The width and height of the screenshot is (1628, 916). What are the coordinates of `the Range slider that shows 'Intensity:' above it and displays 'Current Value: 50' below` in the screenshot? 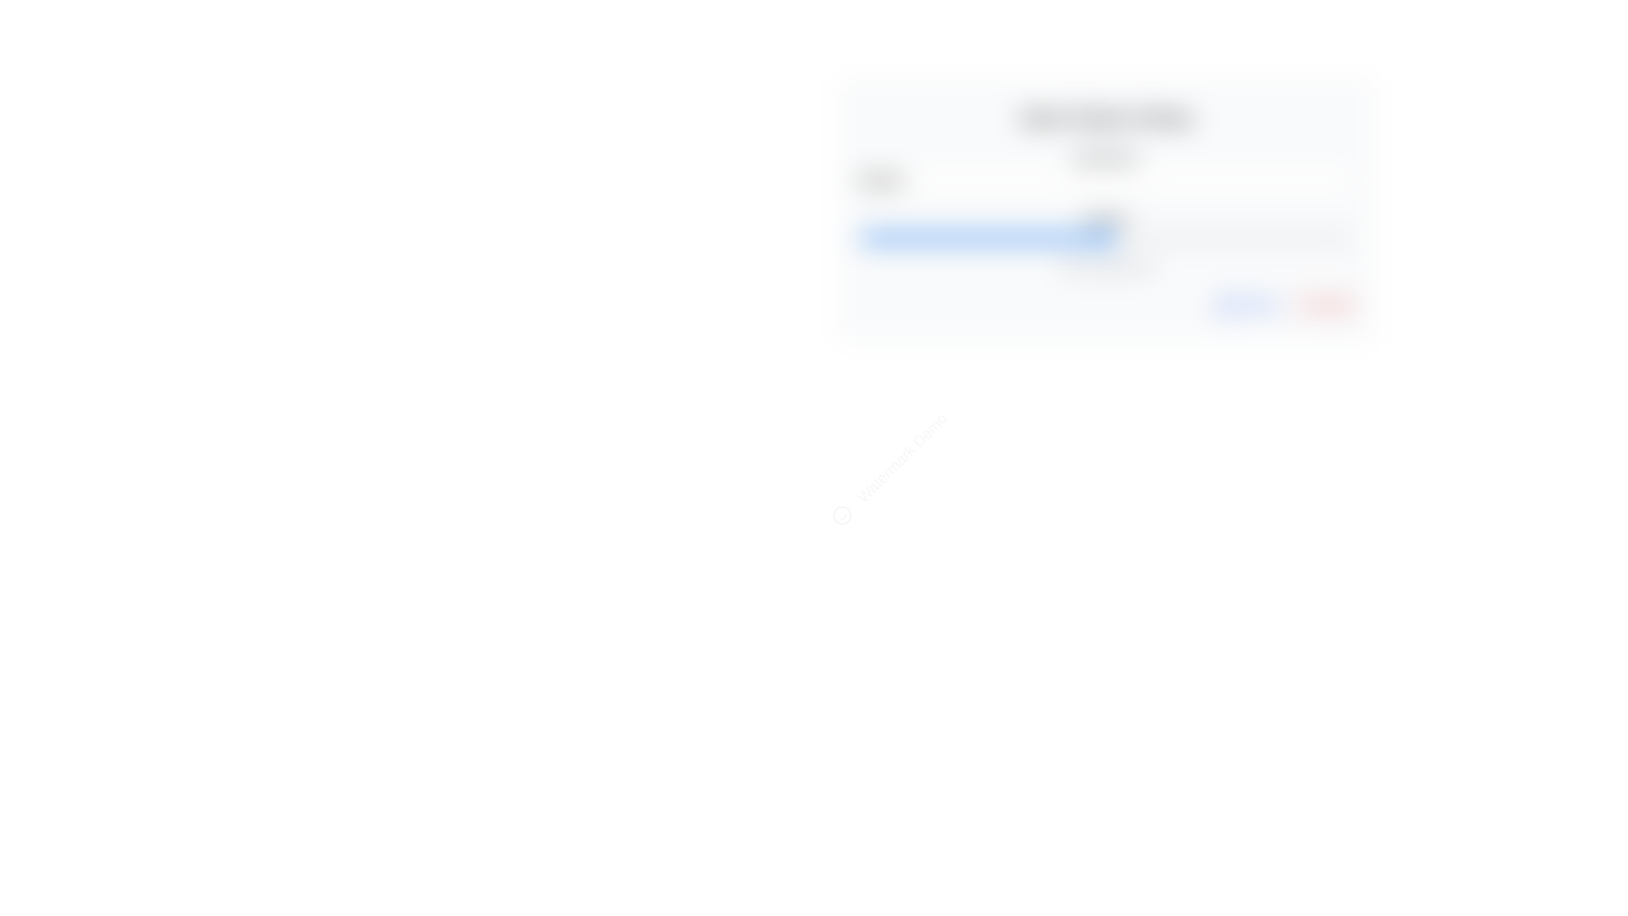 It's located at (1107, 243).